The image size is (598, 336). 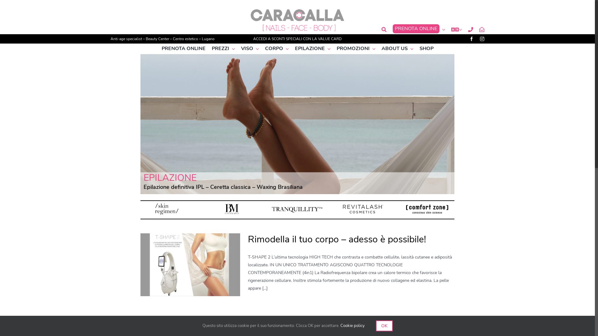 I want to click on 'VISO', so click(x=250, y=48).